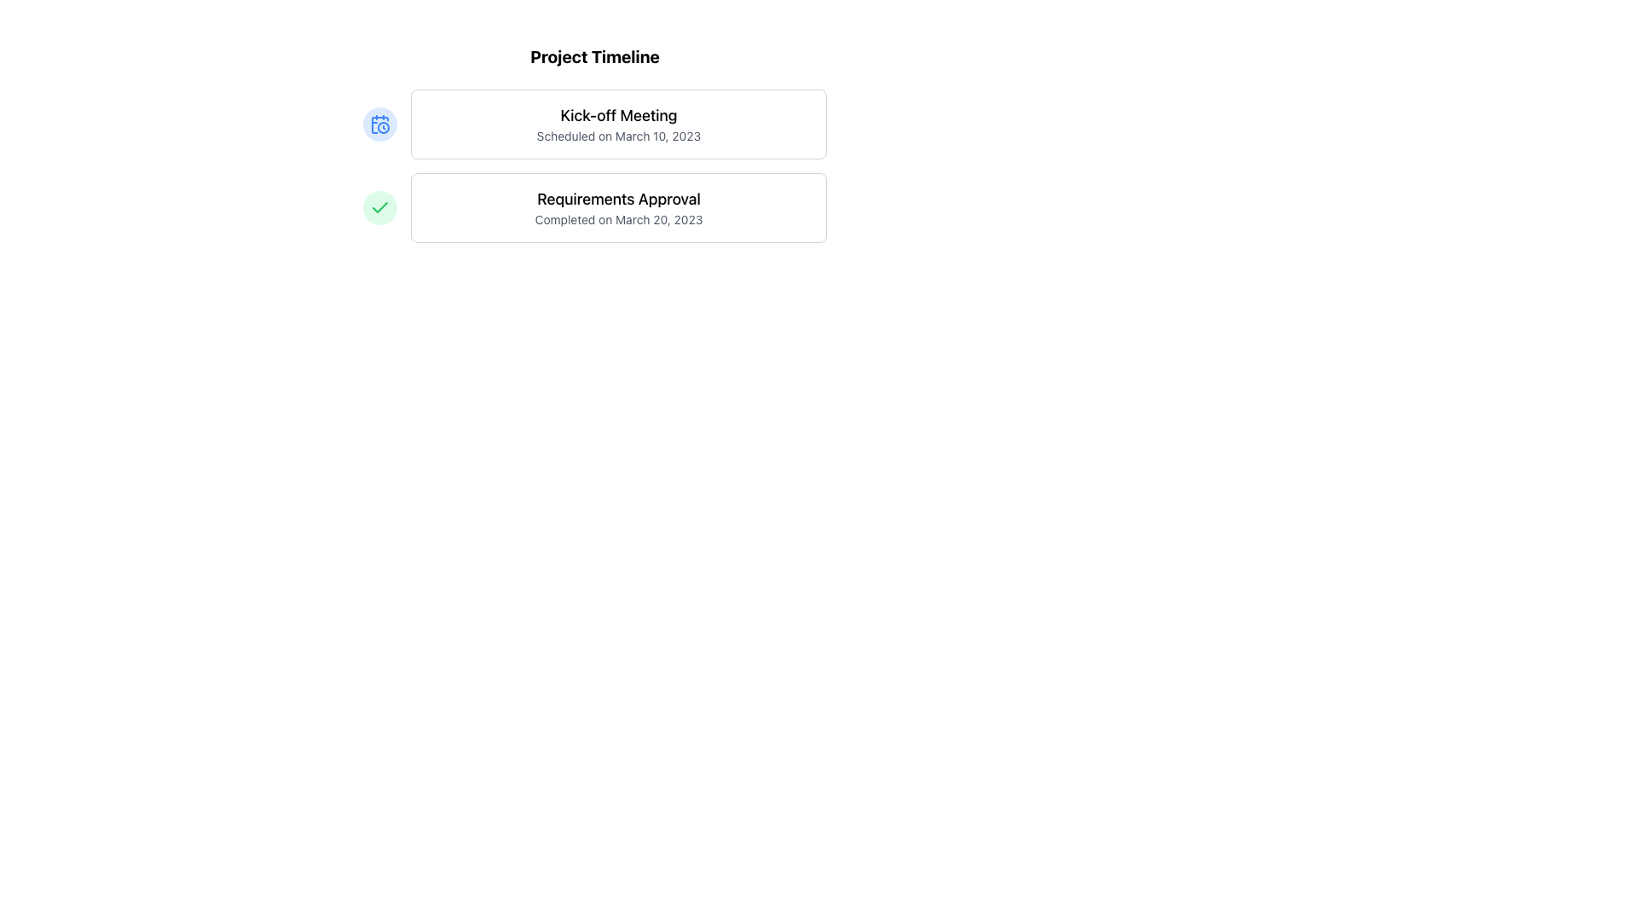 The height and width of the screenshot is (921, 1637). I want to click on the event icon in the timeline that signifies the 'Kick-off Meeting', which is represented by a circular blue background, so click(379, 124).